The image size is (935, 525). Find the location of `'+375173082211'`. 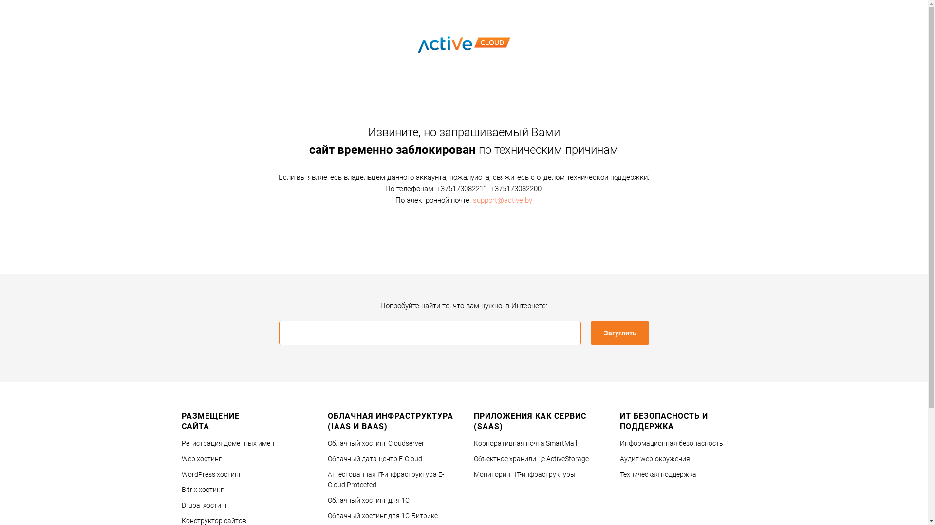

'+375173082211' is located at coordinates (461, 189).